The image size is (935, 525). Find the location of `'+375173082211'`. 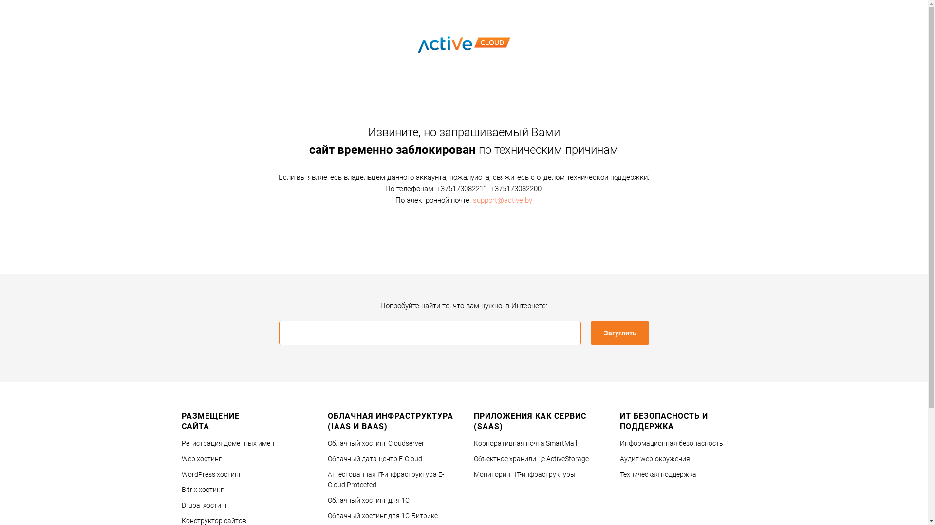

'+375173082211' is located at coordinates (461, 189).